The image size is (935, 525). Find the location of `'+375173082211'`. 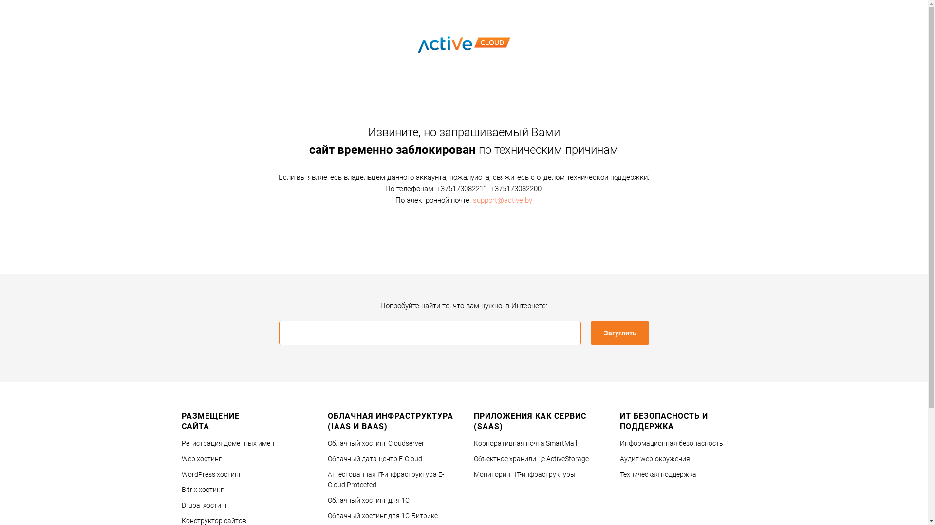

'+375173082211' is located at coordinates (461, 189).